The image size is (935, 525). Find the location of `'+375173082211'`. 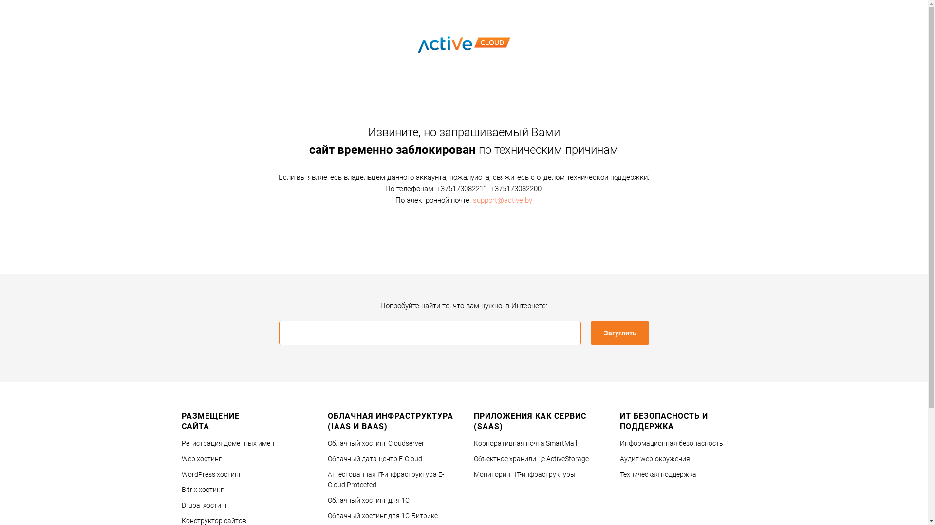

'+375173082211' is located at coordinates (461, 189).